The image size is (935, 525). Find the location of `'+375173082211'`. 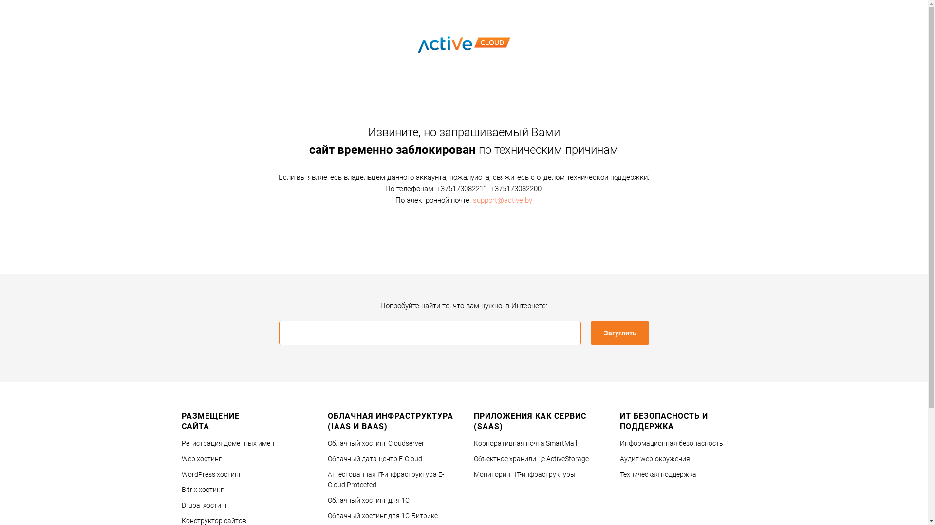

'+375173082211' is located at coordinates (461, 189).